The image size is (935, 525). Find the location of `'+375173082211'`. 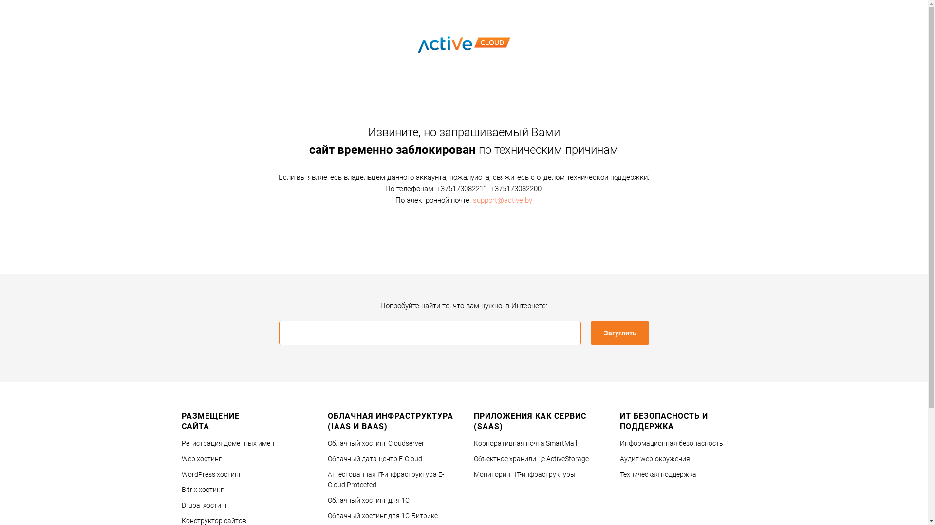

'+375173082211' is located at coordinates (461, 189).